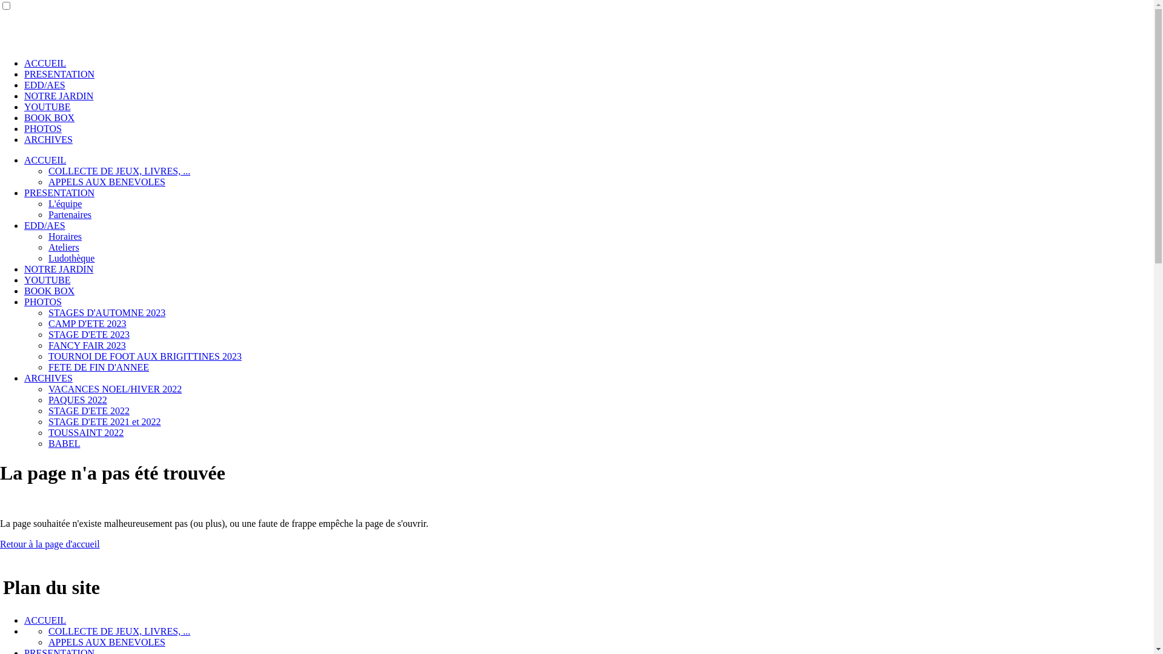 Image resolution: width=1163 pixels, height=654 pixels. I want to click on 'TOUSSAINT 2022', so click(85, 432).